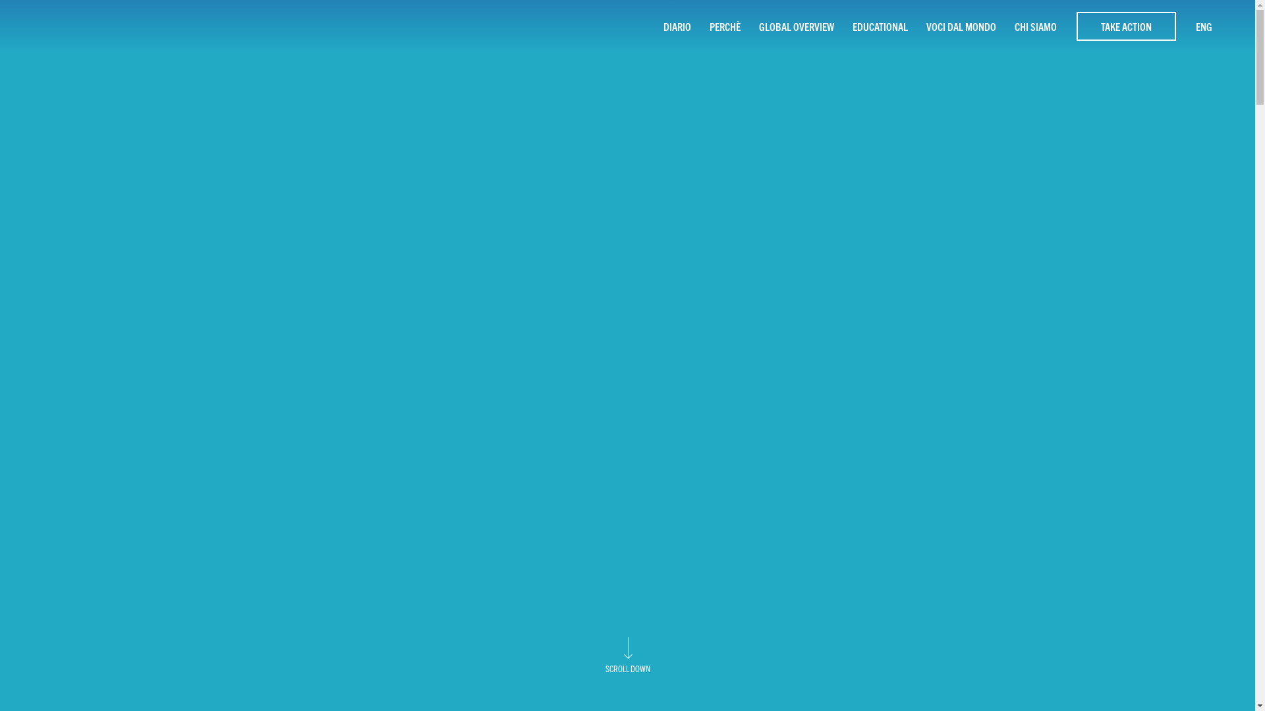 This screenshot has height=711, width=1265. I want to click on 'GLOBAL OVERVIEW', so click(796, 26).